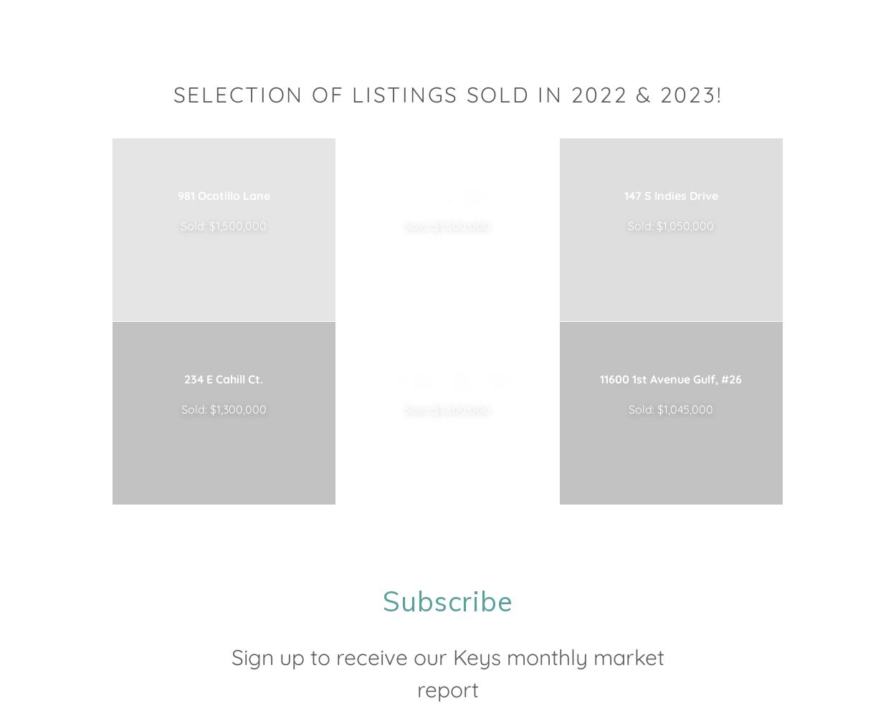  What do you see at coordinates (629, 409) in the screenshot?
I see `'Sold: $1,045,000'` at bounding box center [629, 409].